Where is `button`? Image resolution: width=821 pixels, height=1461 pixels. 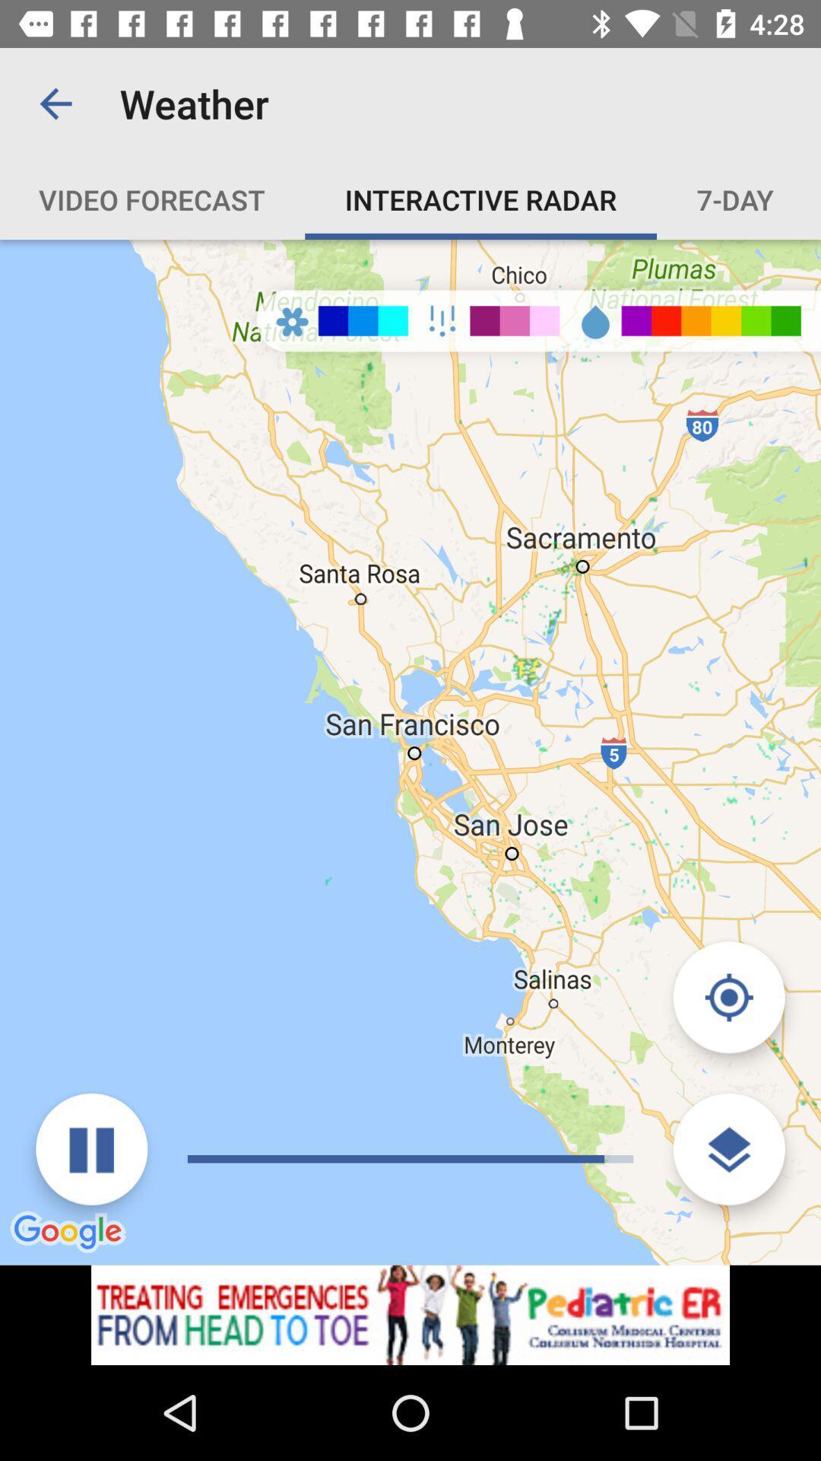
button is located at coordinates (91, 1149).